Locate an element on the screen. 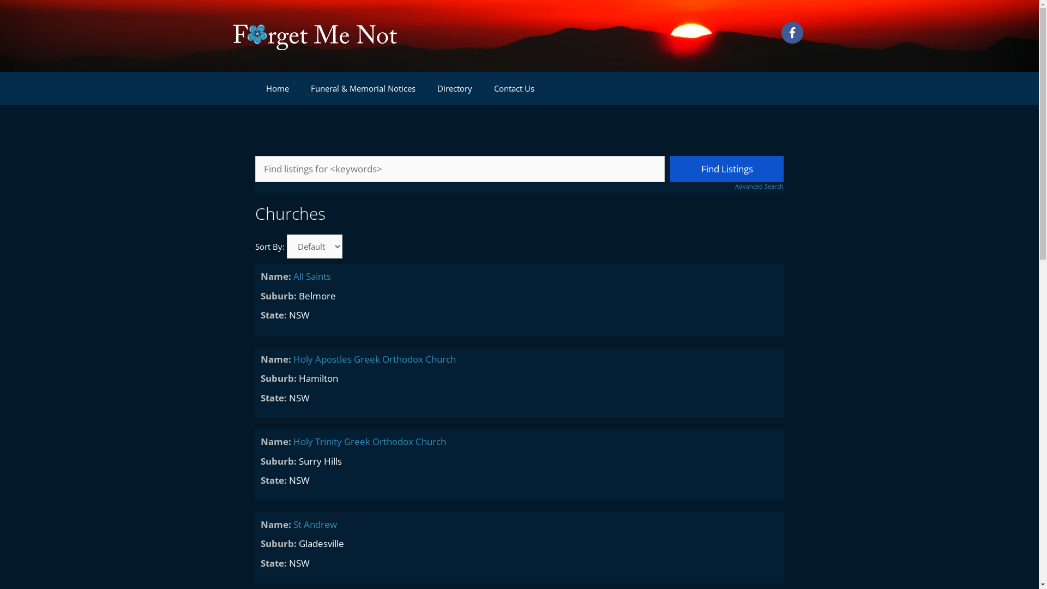 Image resolution: width=1047 pixels, height=589 pixels. 'Directory' is located at coordinates (455, 88).